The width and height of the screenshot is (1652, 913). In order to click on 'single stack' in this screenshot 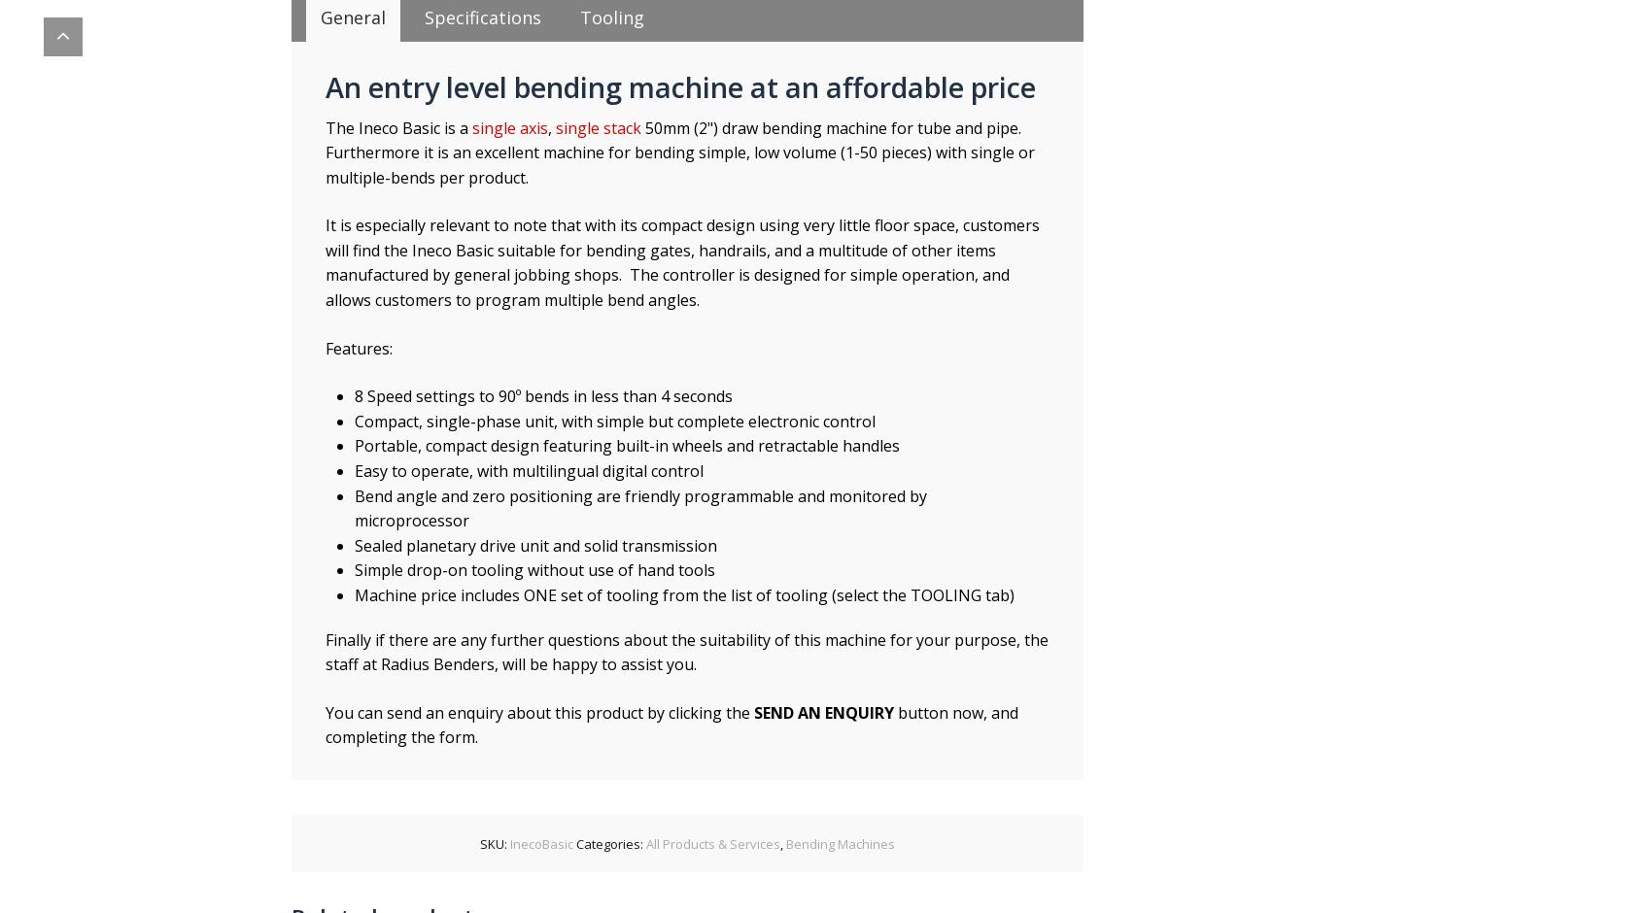, I will do `click(598, 126)`.